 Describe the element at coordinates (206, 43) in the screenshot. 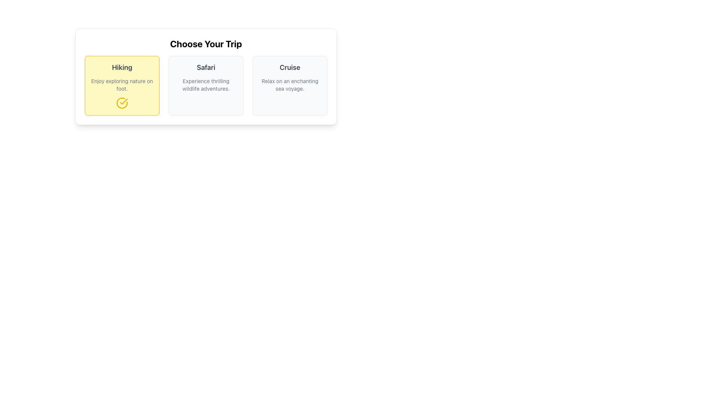

I see `the prominently styled heading with the text 'Choose Your Trip', which is centered at the top of a card-like layout` at that location.